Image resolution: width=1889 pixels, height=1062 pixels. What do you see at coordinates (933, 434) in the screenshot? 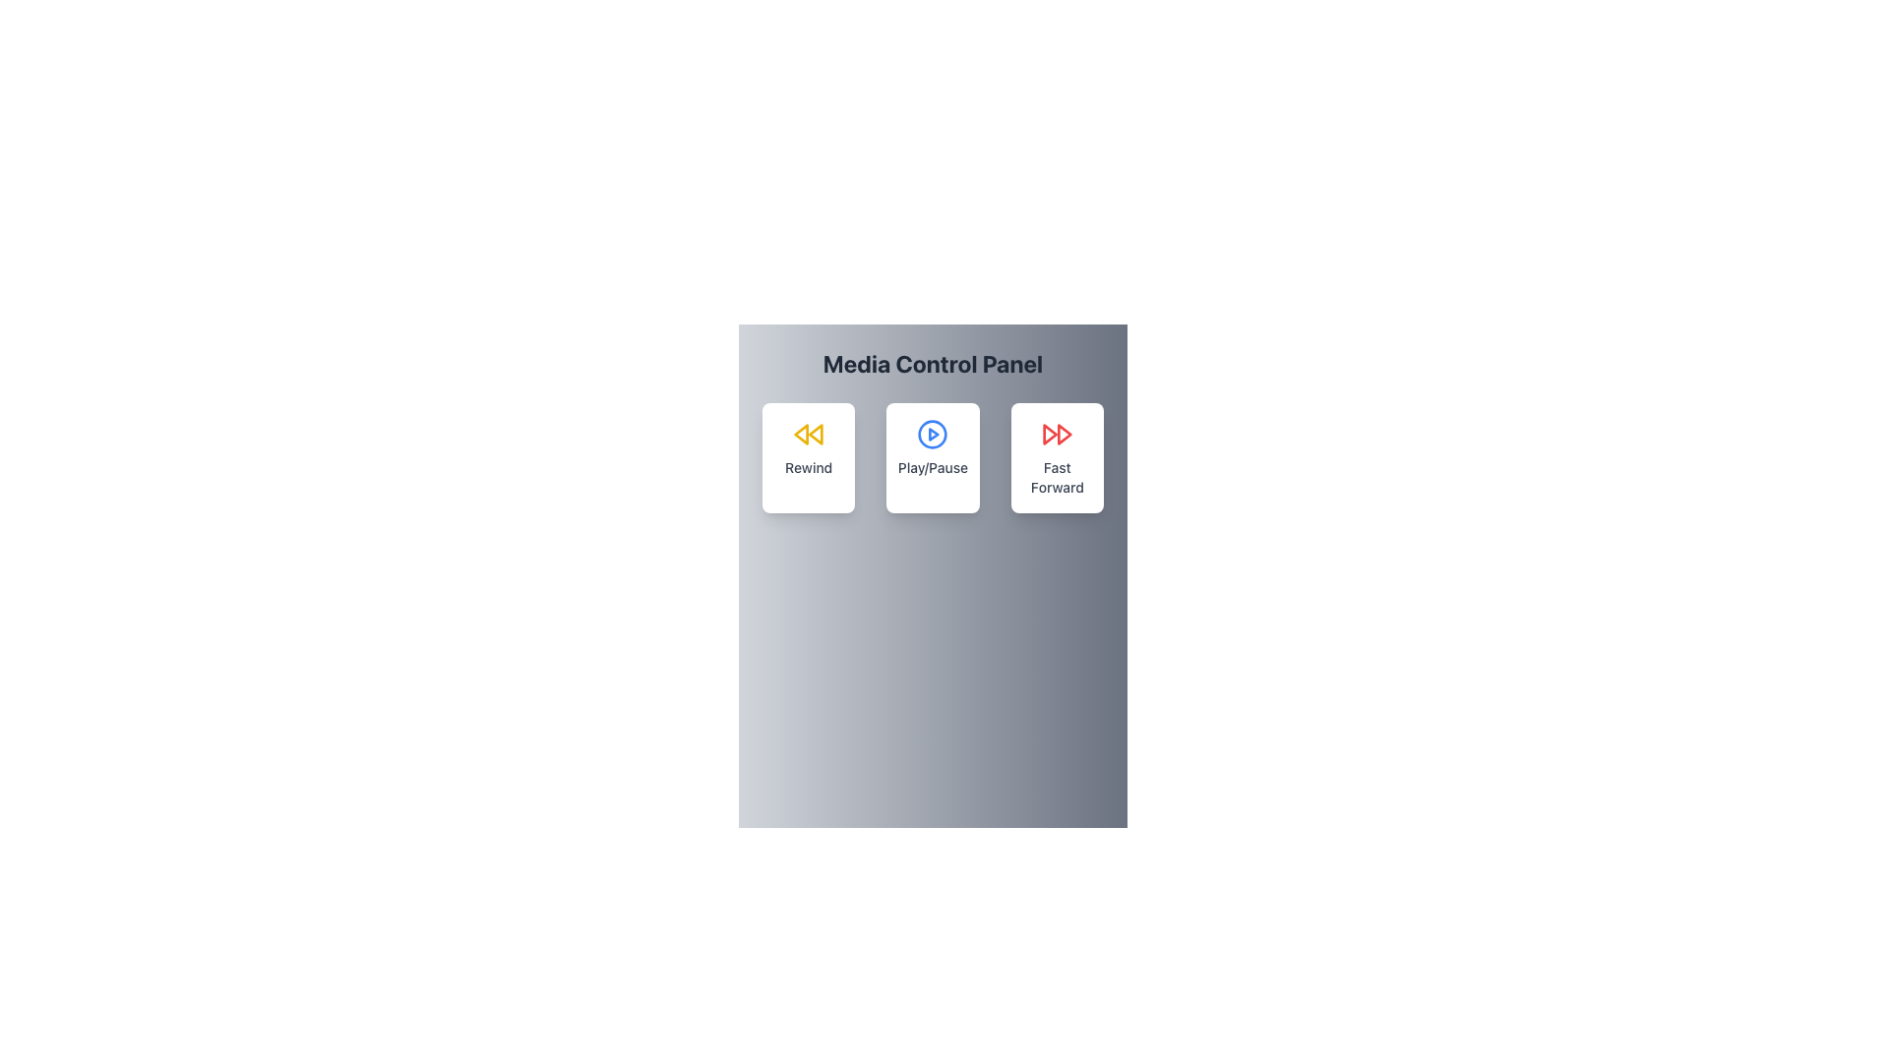
I see `the play icon located within the circular play/pause button in the media control panel, which initiates playback` at bounding box center [933, 434].